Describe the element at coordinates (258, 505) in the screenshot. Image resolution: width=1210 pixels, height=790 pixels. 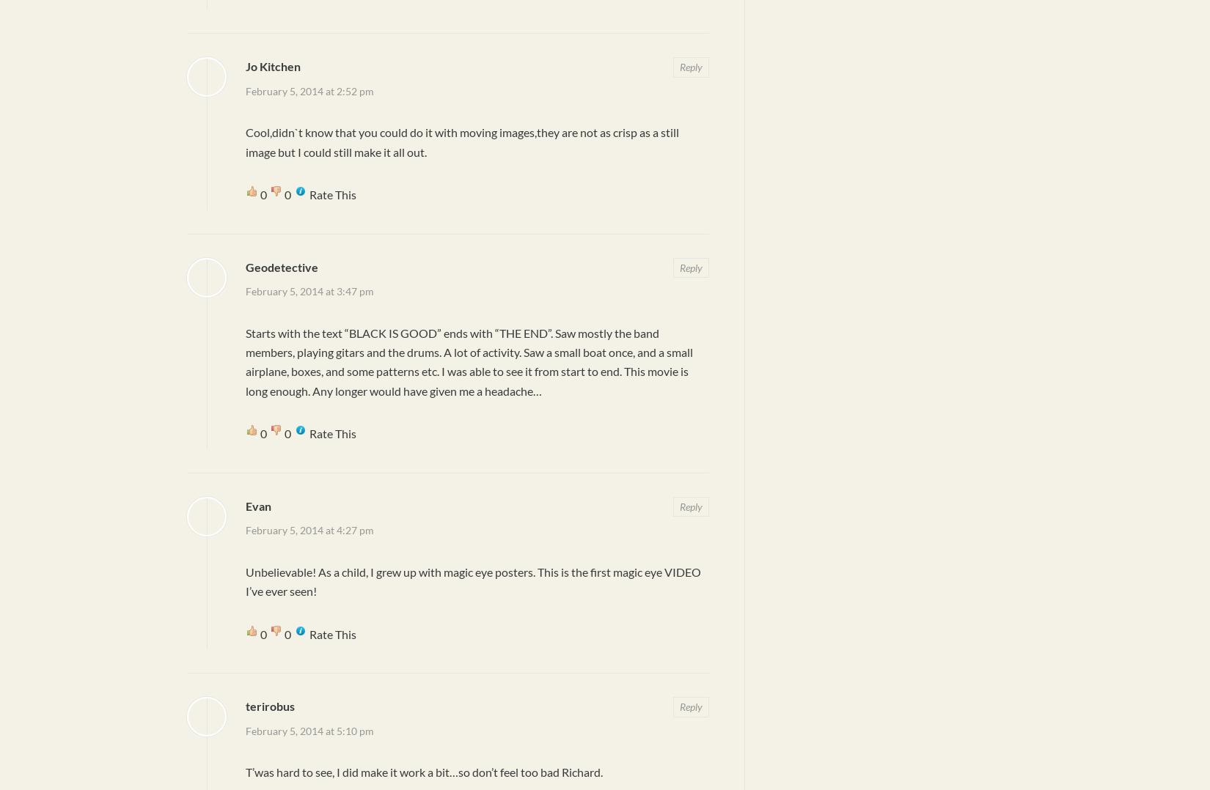
I see `'Evan'` at that location.